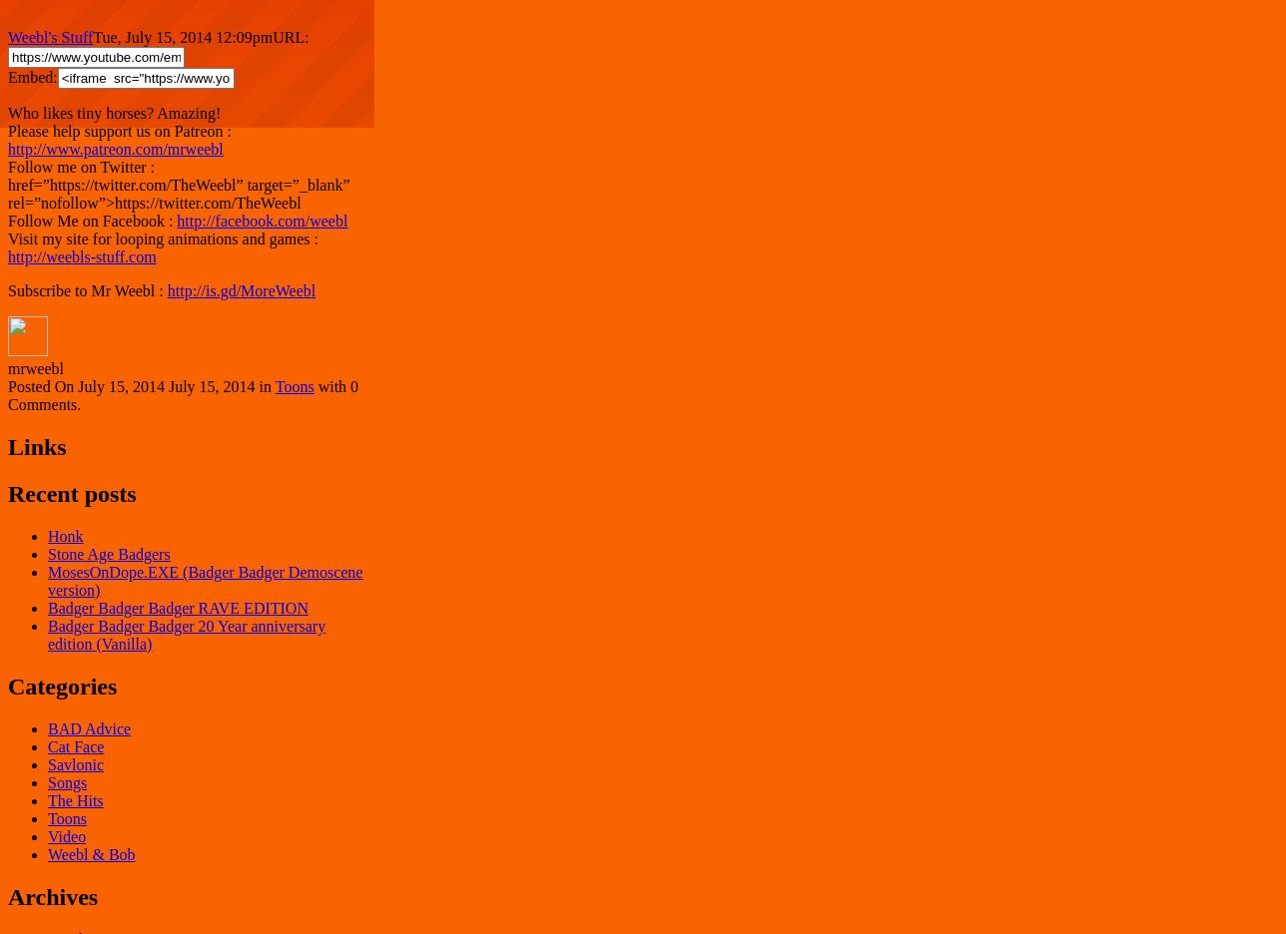  What do you see at coordinates (82, 255) in the screenshot?
I see `'http://weebls-stuff.com'` at bounding box center [82, 255].